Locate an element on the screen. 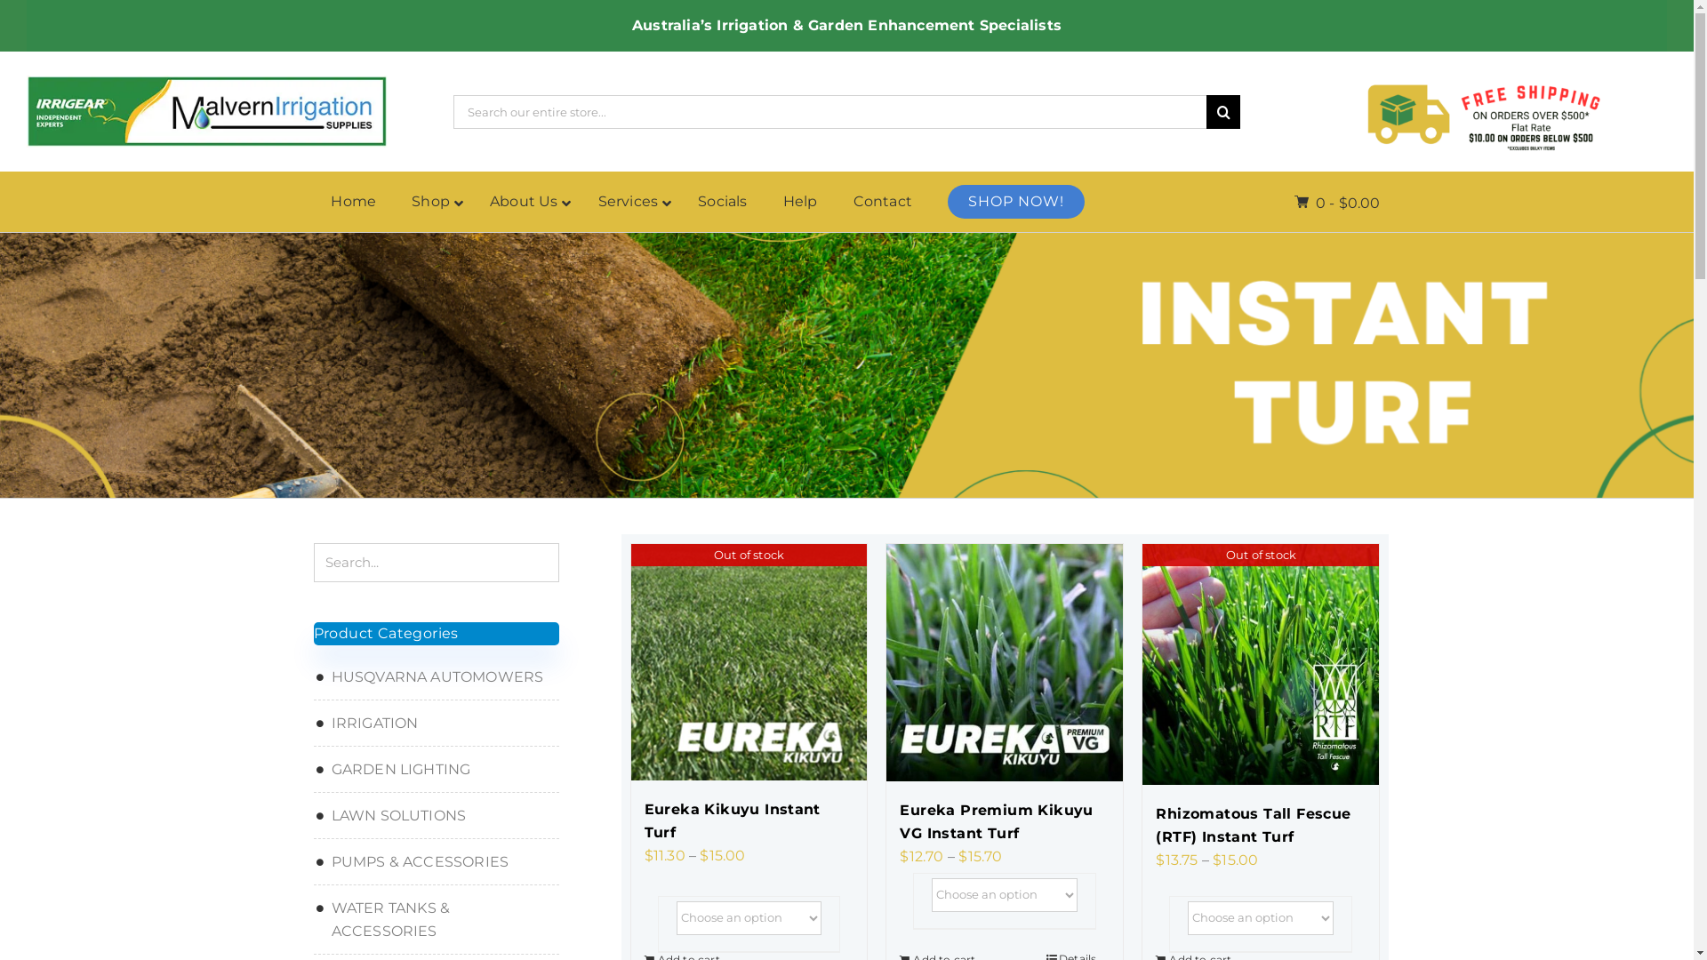  'IRRIGATION' is located at coordinates (435, 723).